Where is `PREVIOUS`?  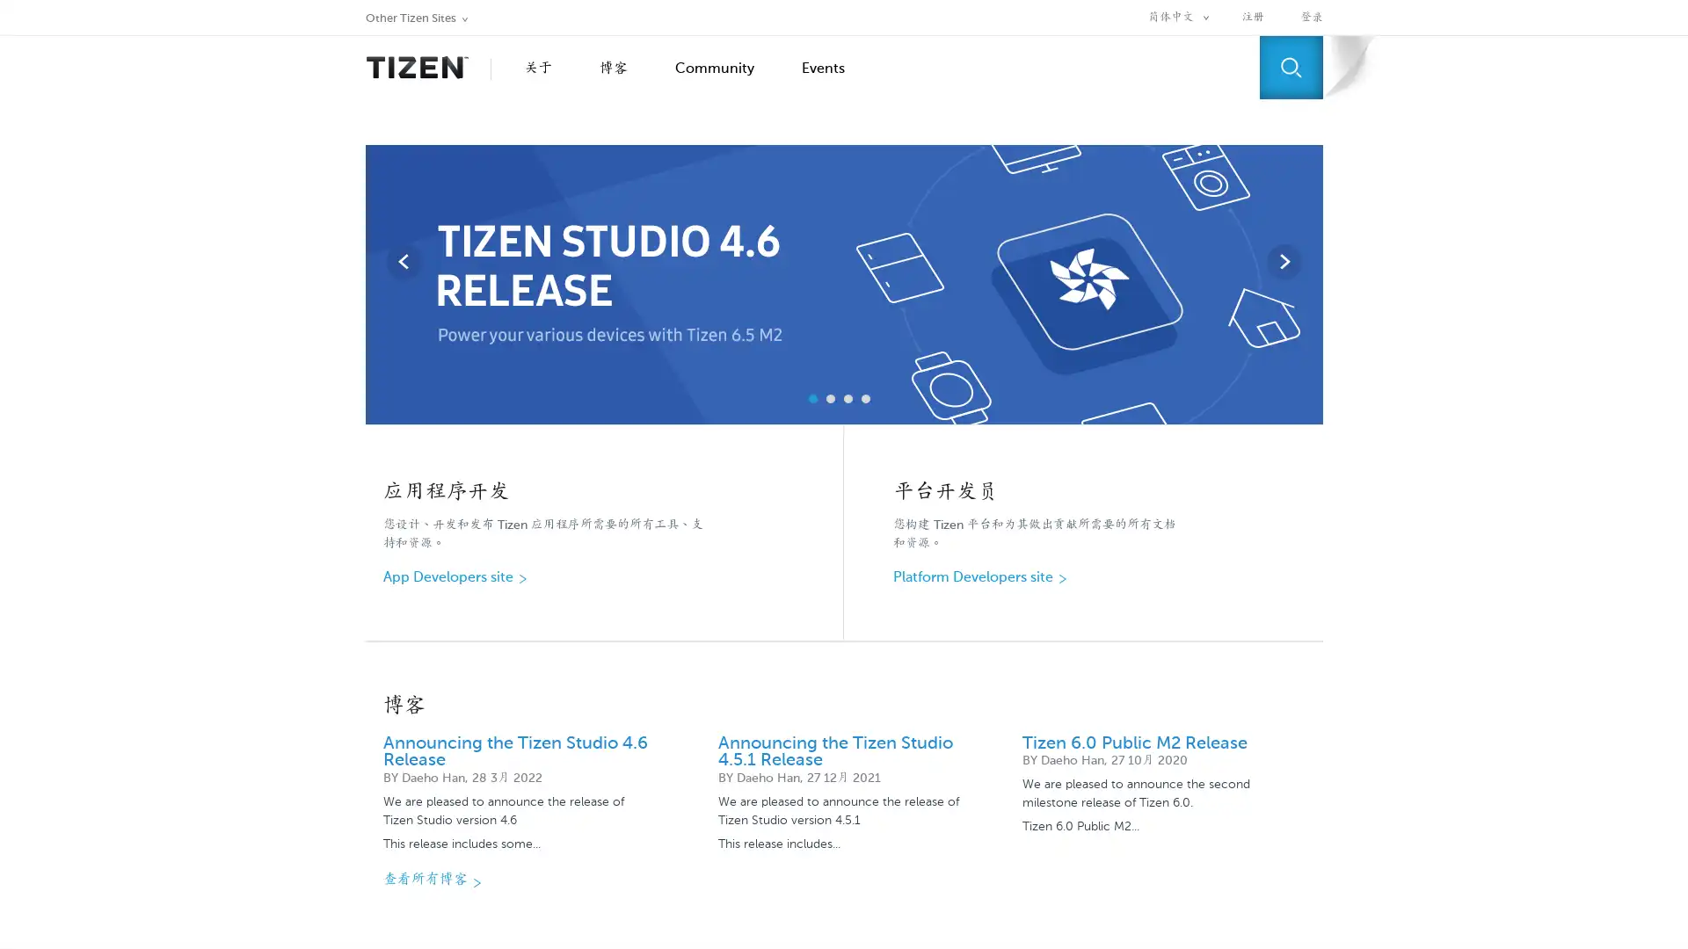 PREVIOUS is located at coordinates (403, 261).